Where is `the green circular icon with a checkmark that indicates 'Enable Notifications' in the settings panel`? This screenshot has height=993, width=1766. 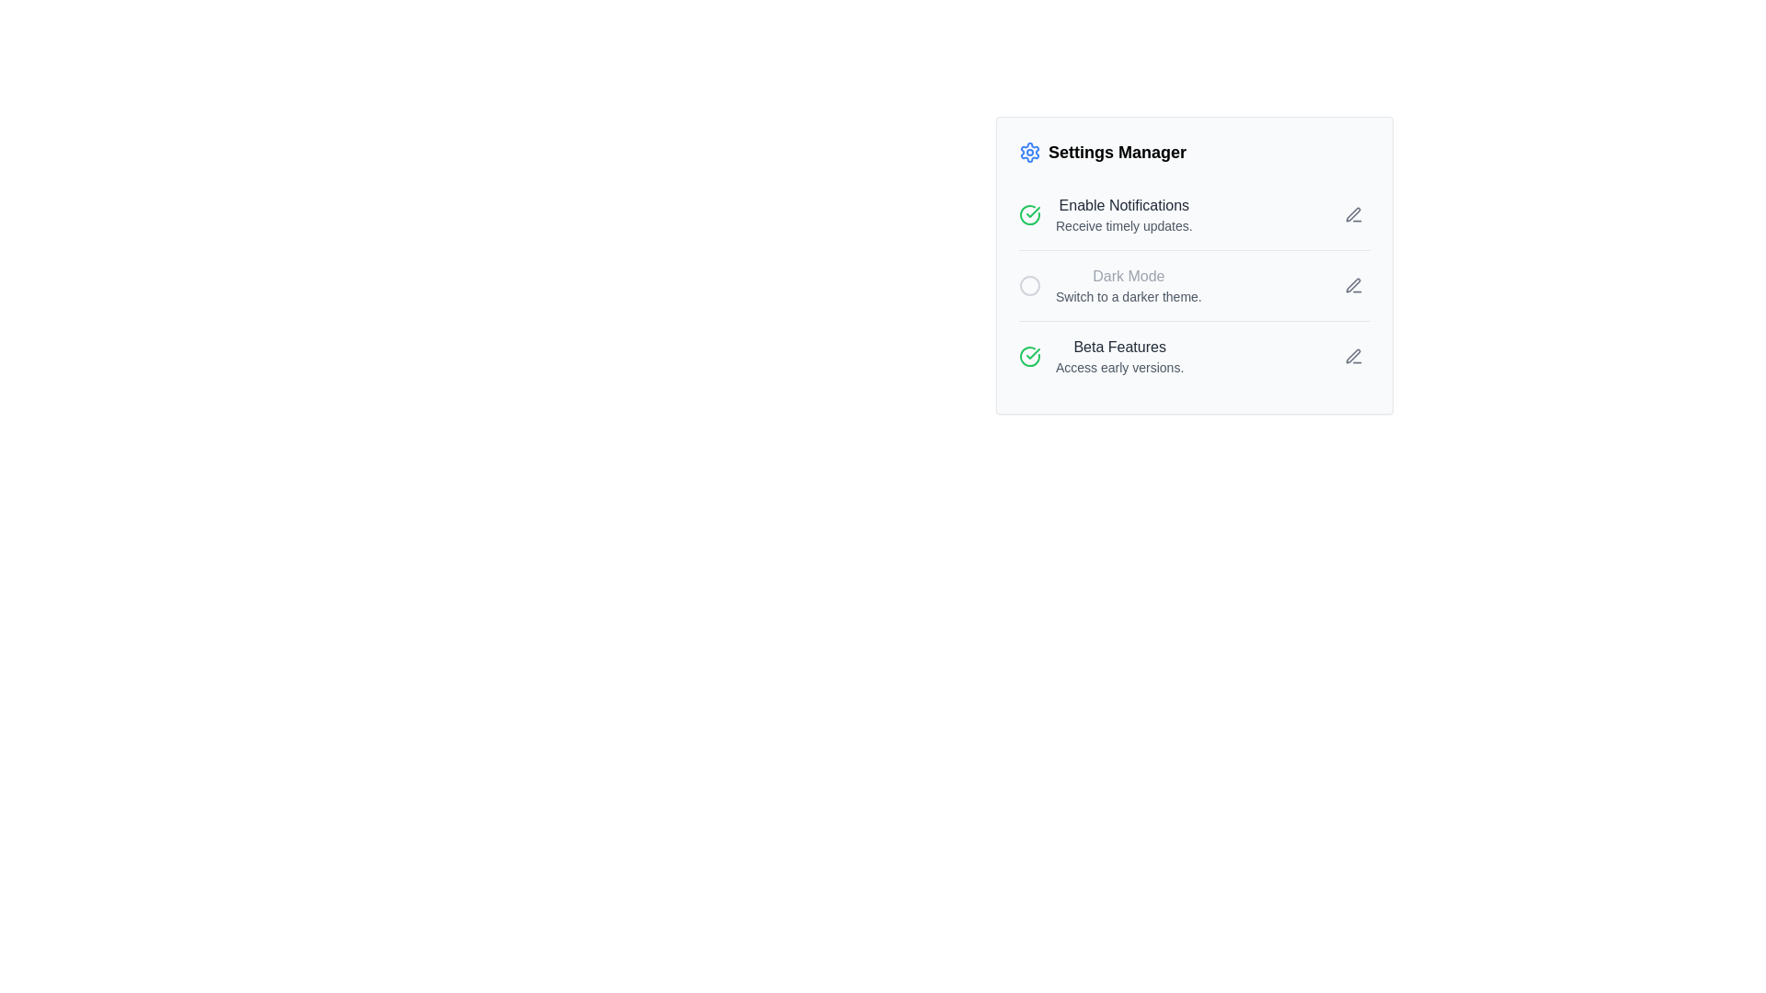 the green circular icon with a checkmark that indicates 'Enable Notifications' in the settings panel is located at coordinates (1028, 357).